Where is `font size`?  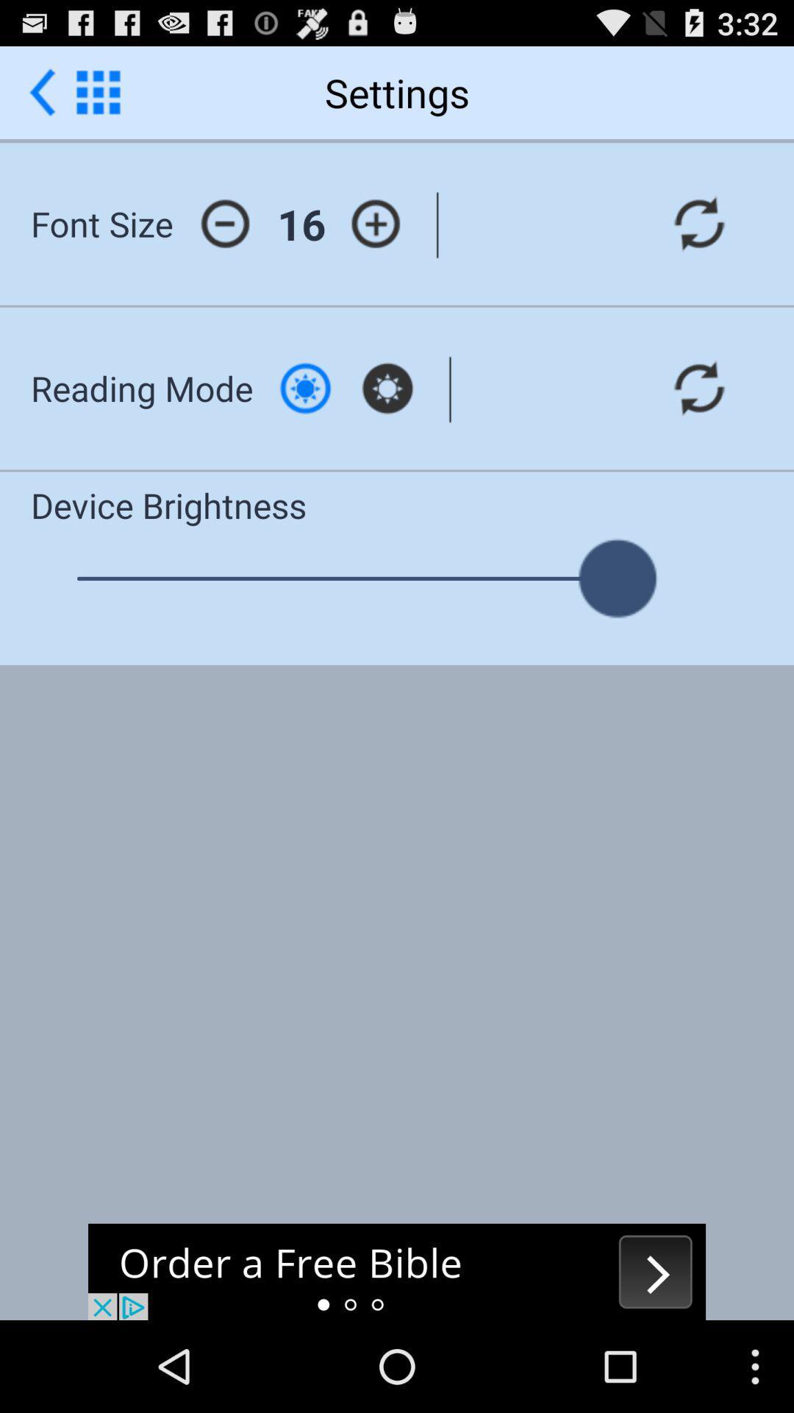 font size is located at coordinates (698, 223).